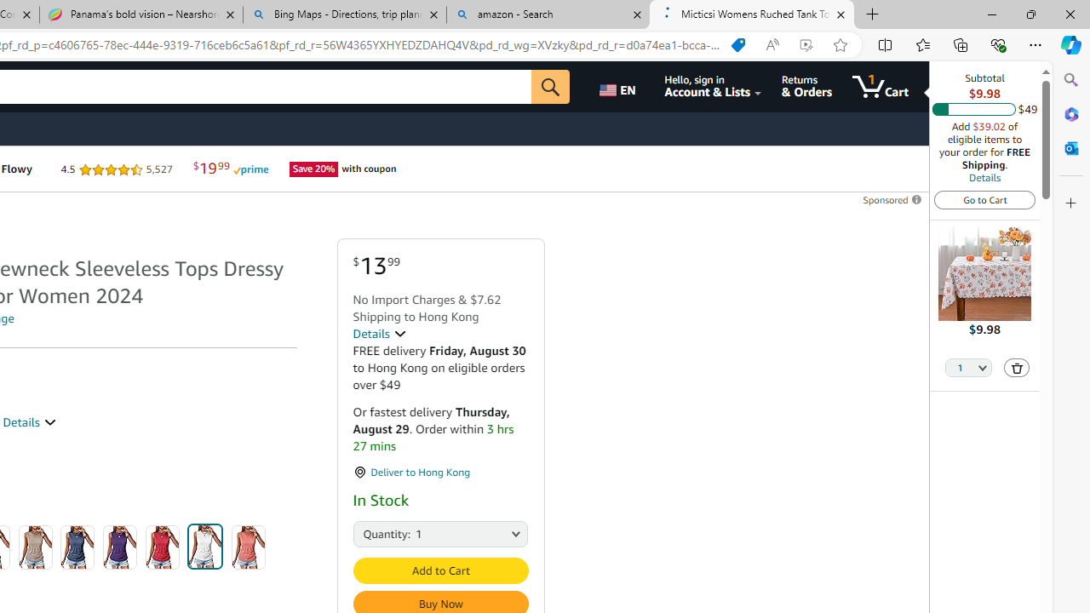 This screenshot has width=1090, height=613. What do you see at coordinates (440, 570) in the screenshot?
I see `'Add to Cart'` at bounding box center [440, 570].